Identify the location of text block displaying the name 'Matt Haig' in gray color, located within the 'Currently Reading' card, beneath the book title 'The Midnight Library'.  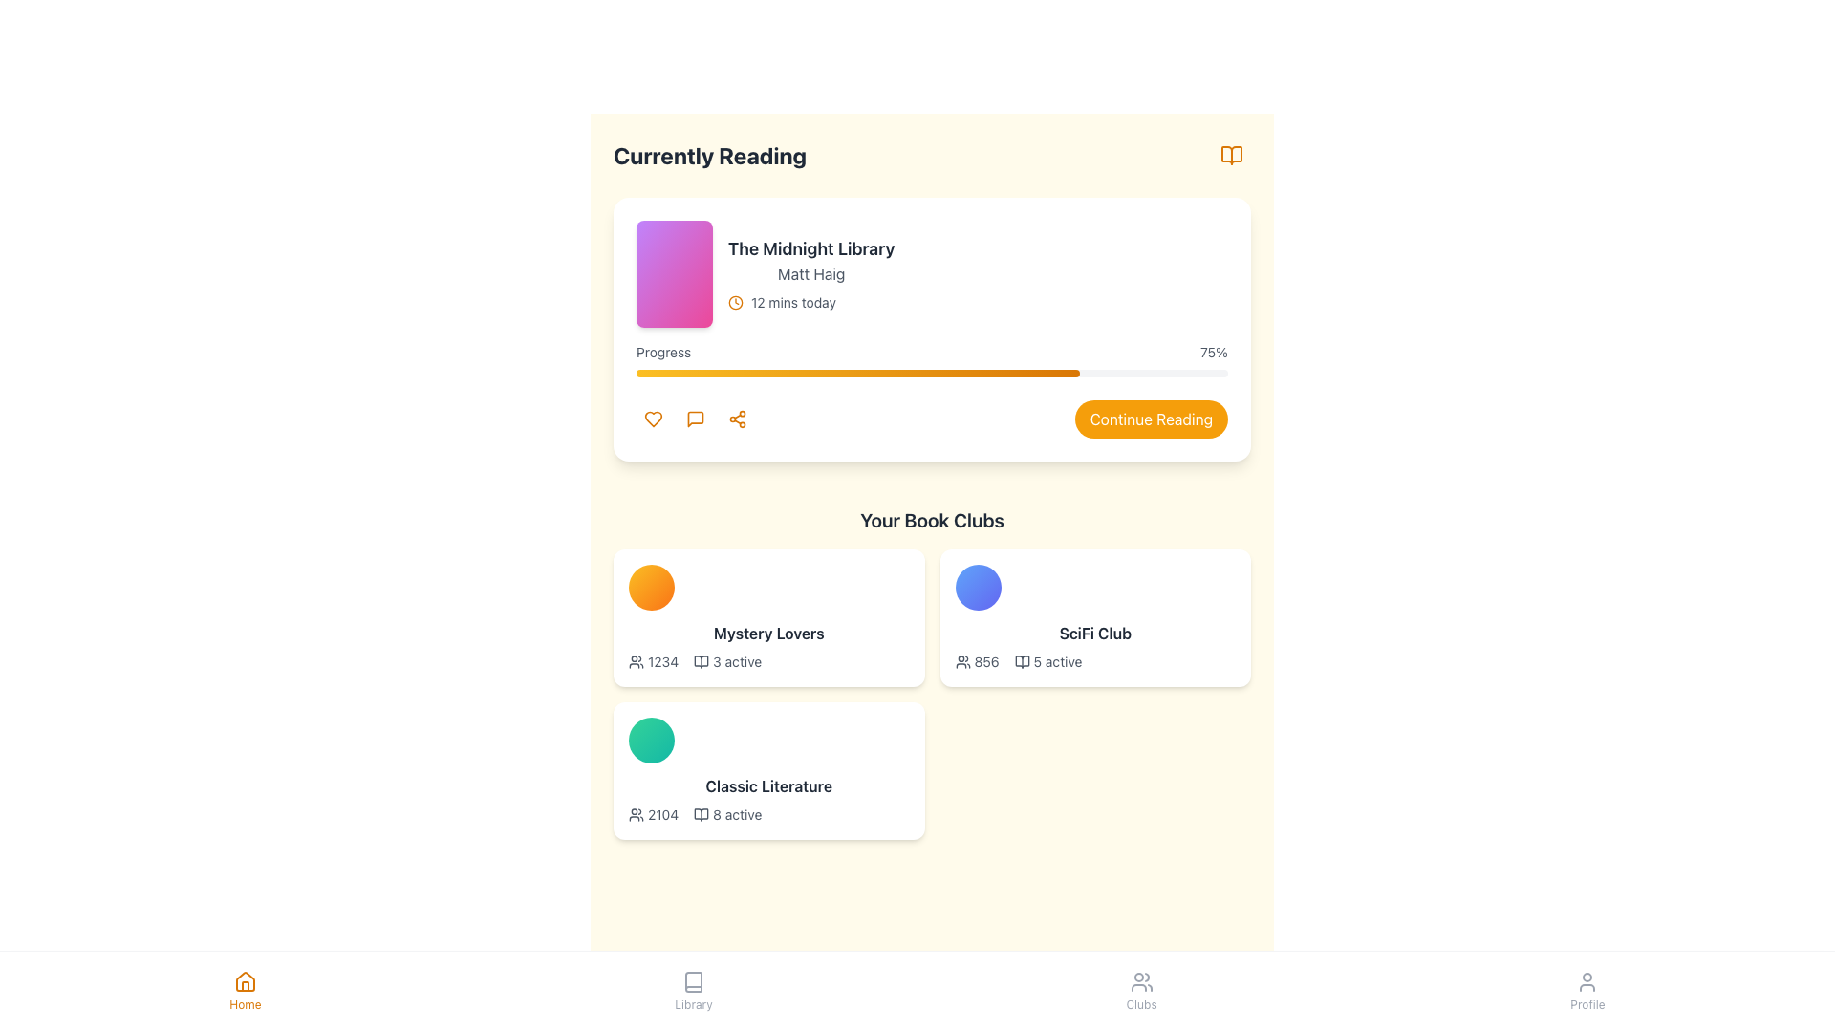
(811, 273).